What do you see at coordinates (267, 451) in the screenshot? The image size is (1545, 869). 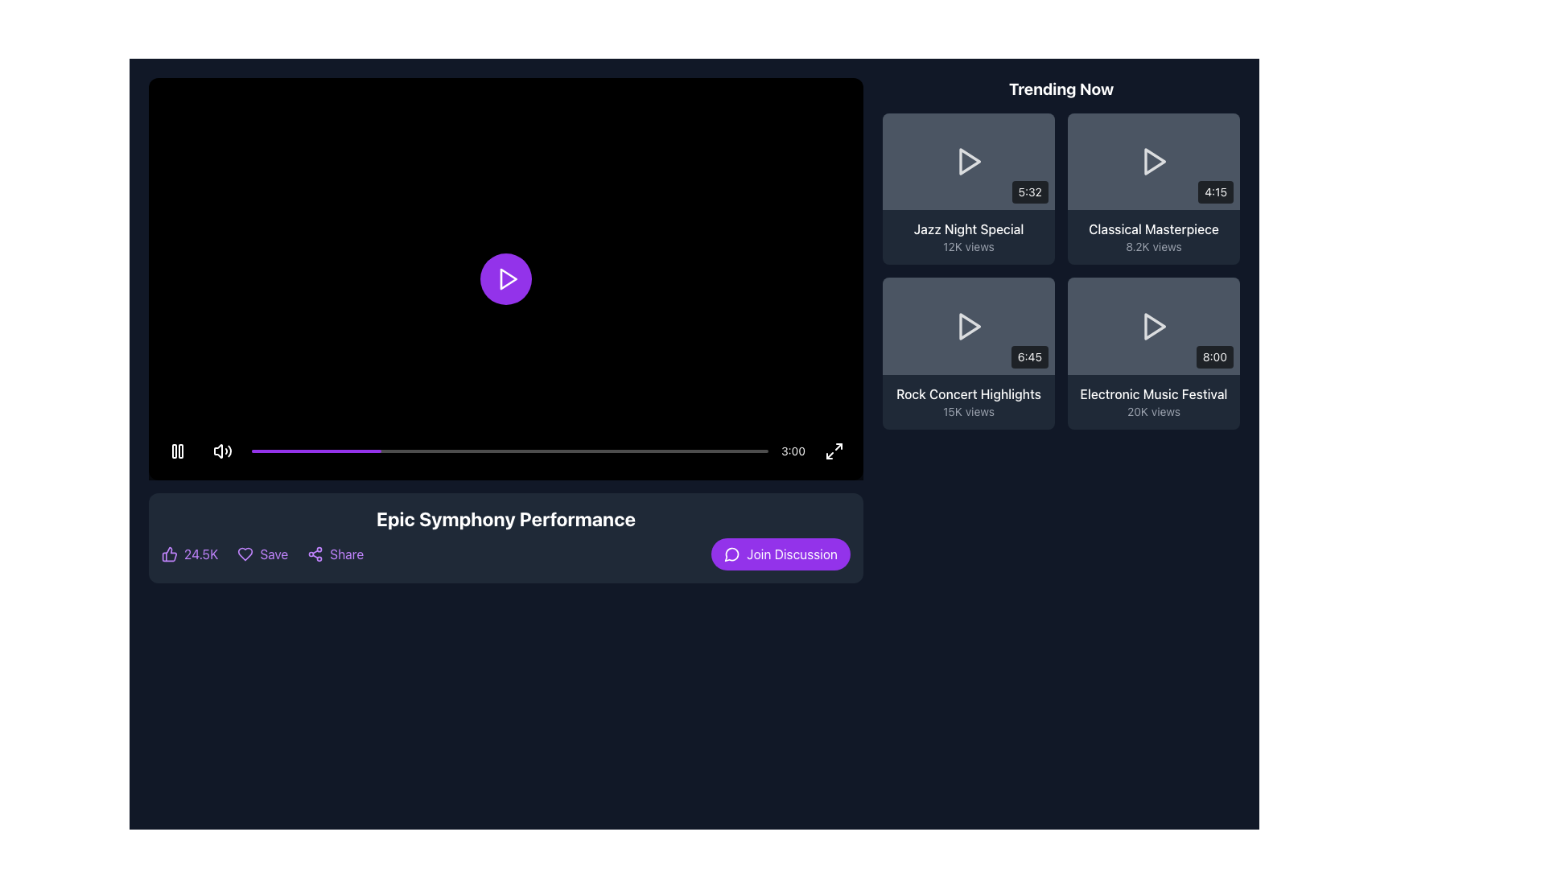 I see `the video playback progress` at bounding box center [267, 451].